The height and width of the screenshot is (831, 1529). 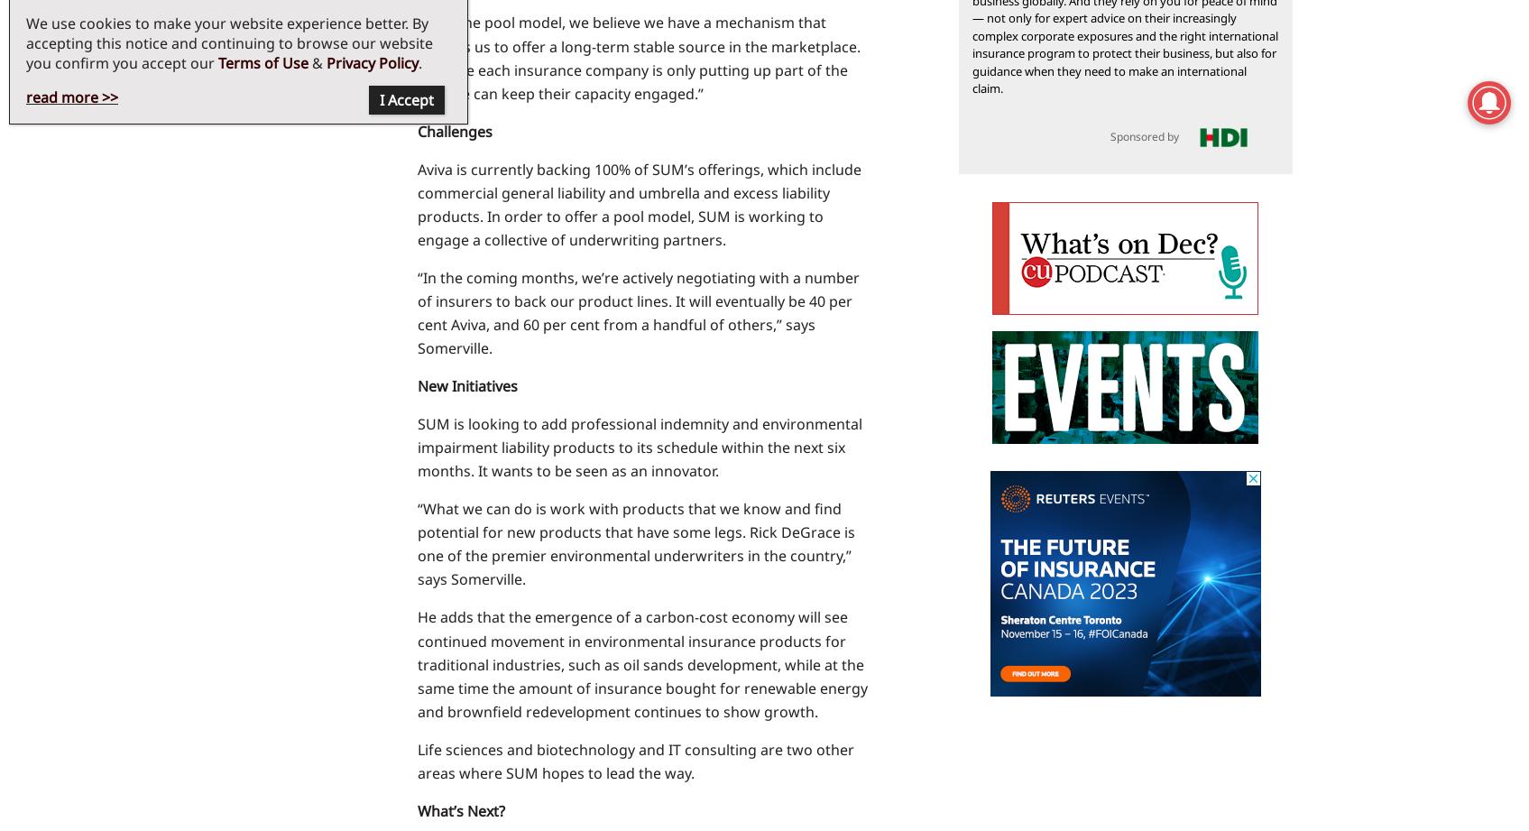 I want to click on 'He adds that the emergence of a carbon-cost economy will see continued movement in environmental insurance products for traditional industries, such as oil sands development, while at the same time the amount of insurance bought for renewable energy and brownfield redevelopment continues to show growth.', so click(x=641, y=663).